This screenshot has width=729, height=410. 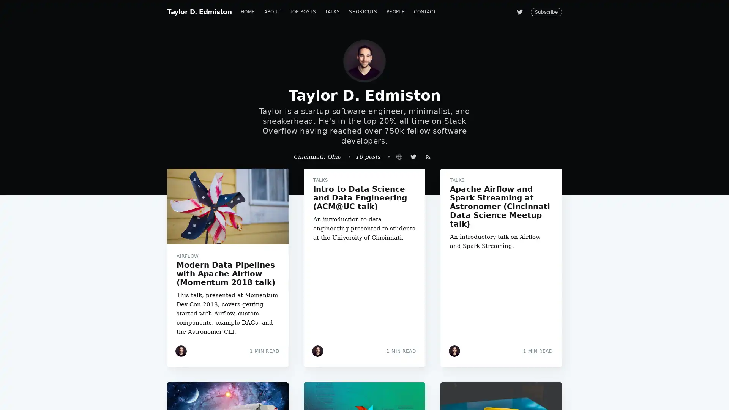 What do you see at coordinates (434, 233) in the screenshot?
I see `Subscribe` at bounding box center [434, 233].